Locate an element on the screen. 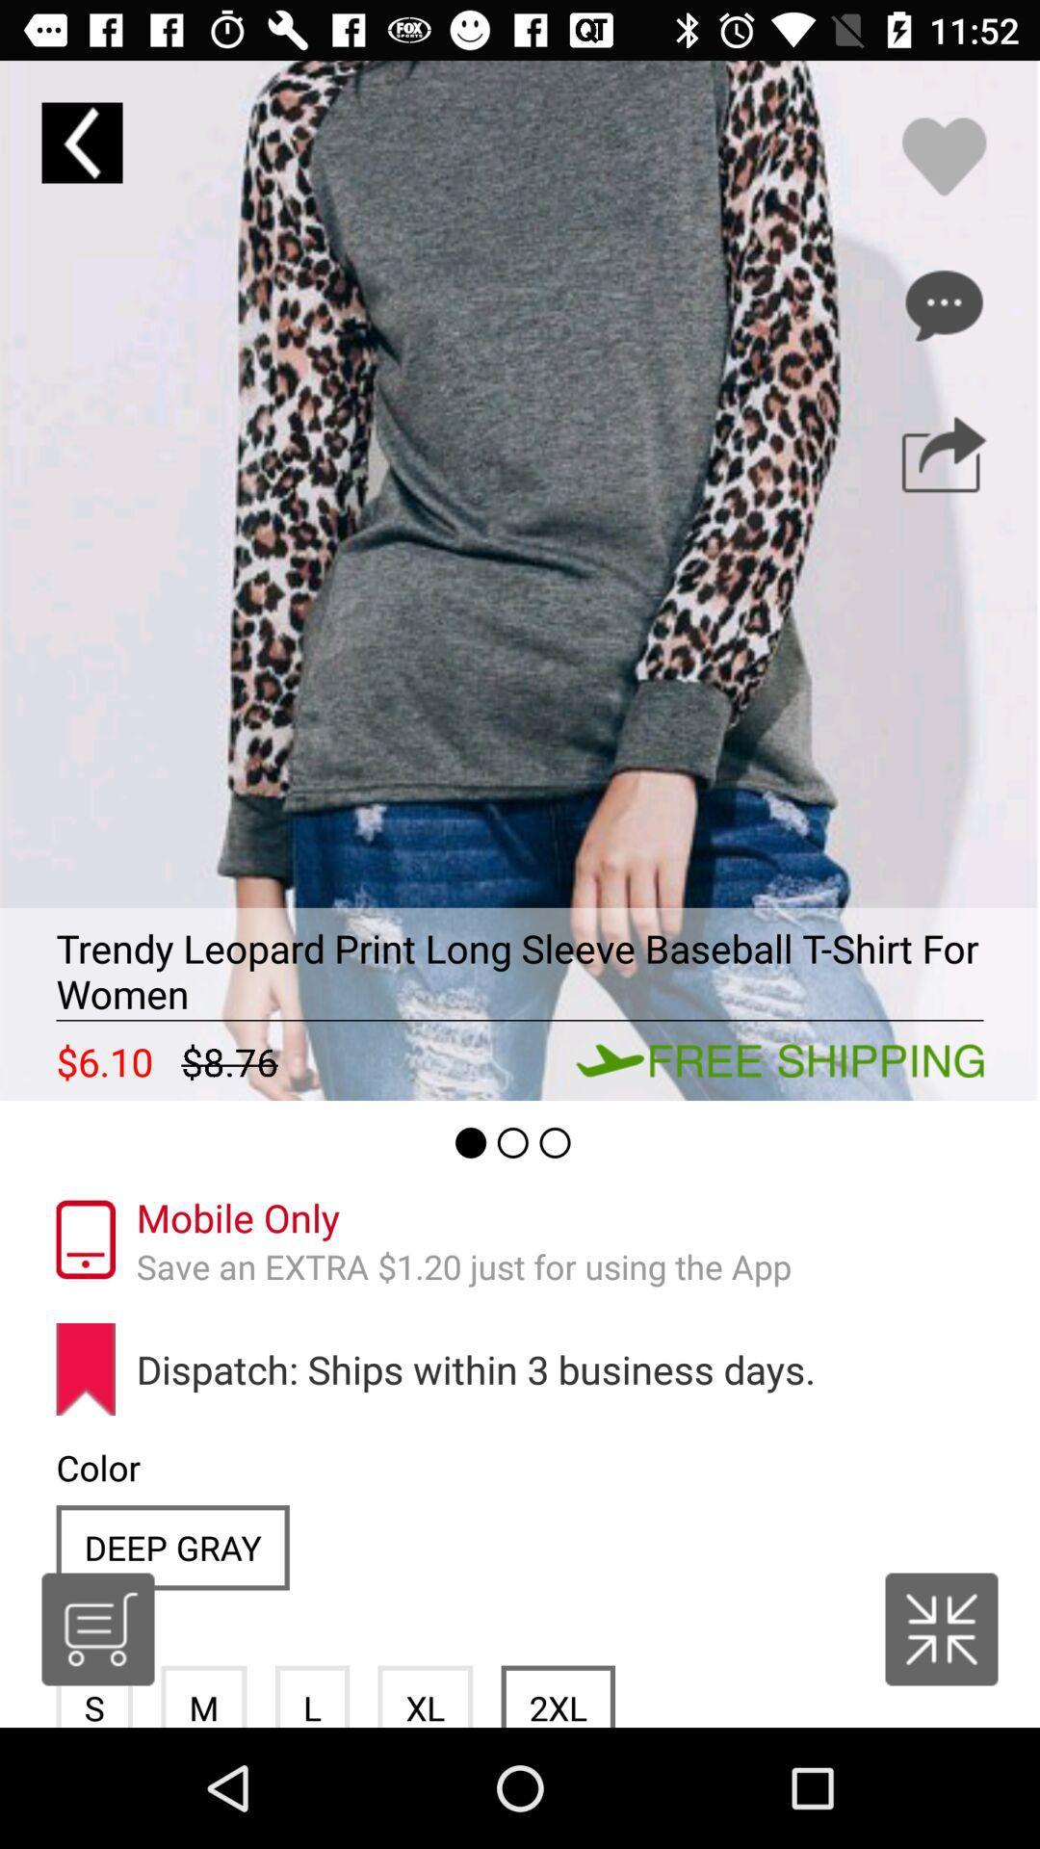 The image size is (1040, 1849). item below the color is located at coordinates (97, 1628).